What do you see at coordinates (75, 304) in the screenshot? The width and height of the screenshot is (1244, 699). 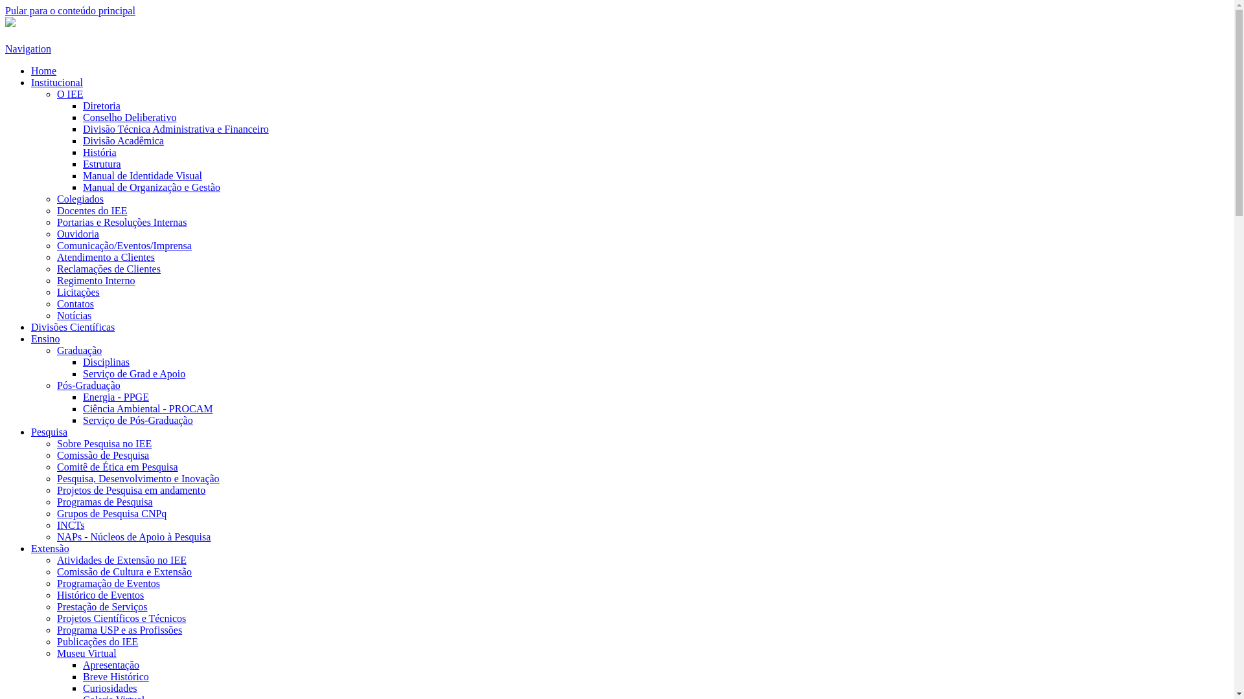 I see `'Contatos'` at bounding box center [75, 304].